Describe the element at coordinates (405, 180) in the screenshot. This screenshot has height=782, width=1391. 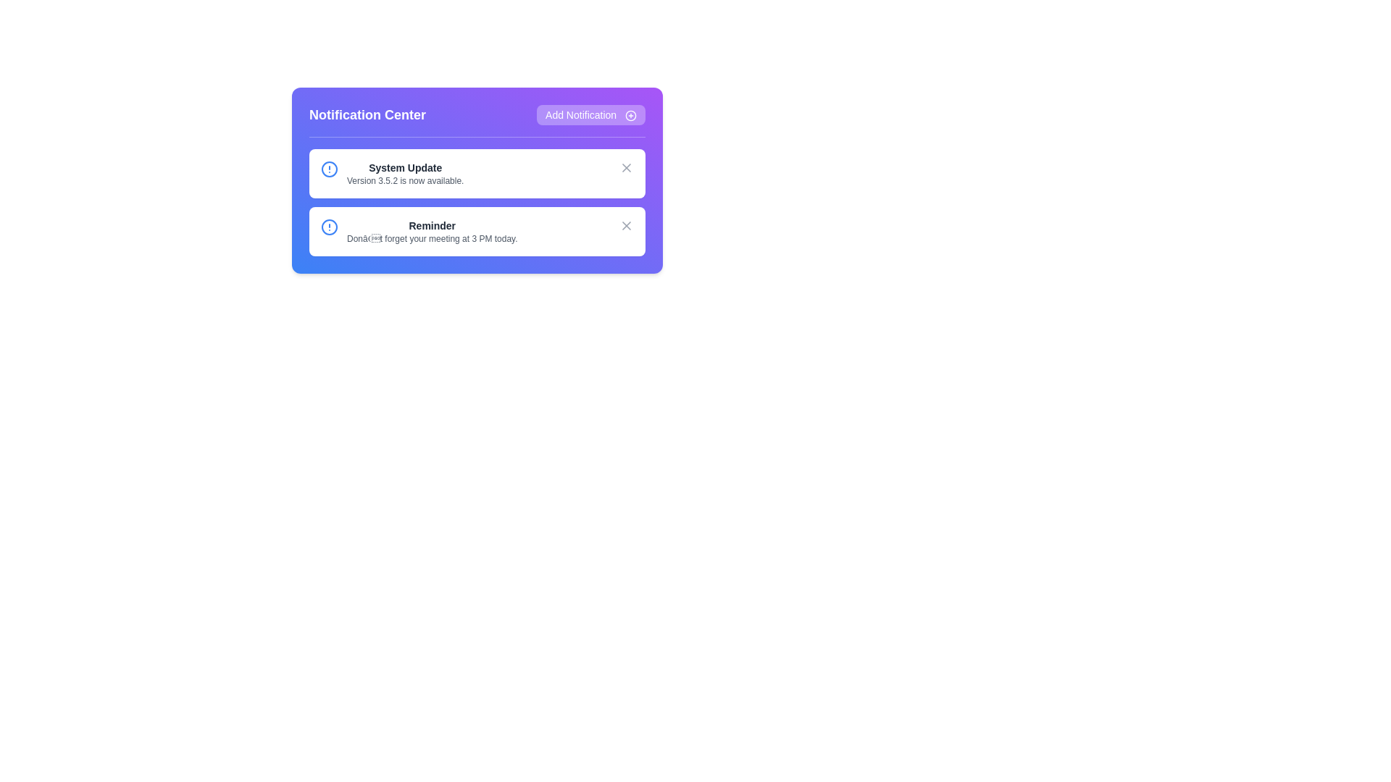
I see `the static text label displaying 'Version 3.5.2 is now available.' which is located below the 'System Update' heading in the notification card` at that location.